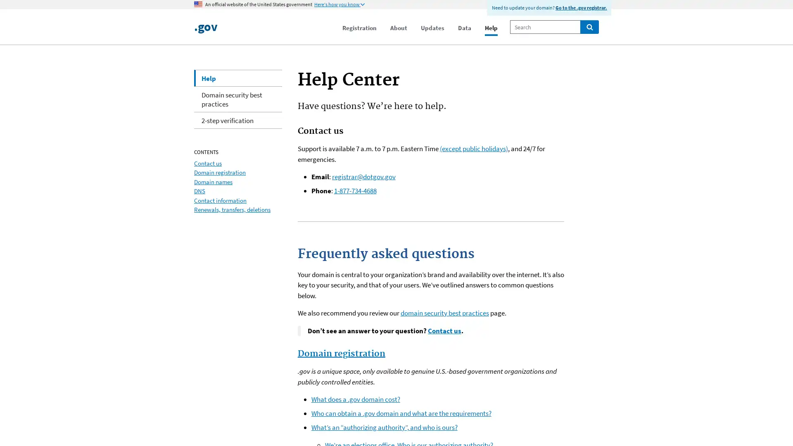 This screenshot has height=446, width=793. What do you see at coordinates (589, 26) in the screenshot?
I see `Search` at bounding box center [589, 26].